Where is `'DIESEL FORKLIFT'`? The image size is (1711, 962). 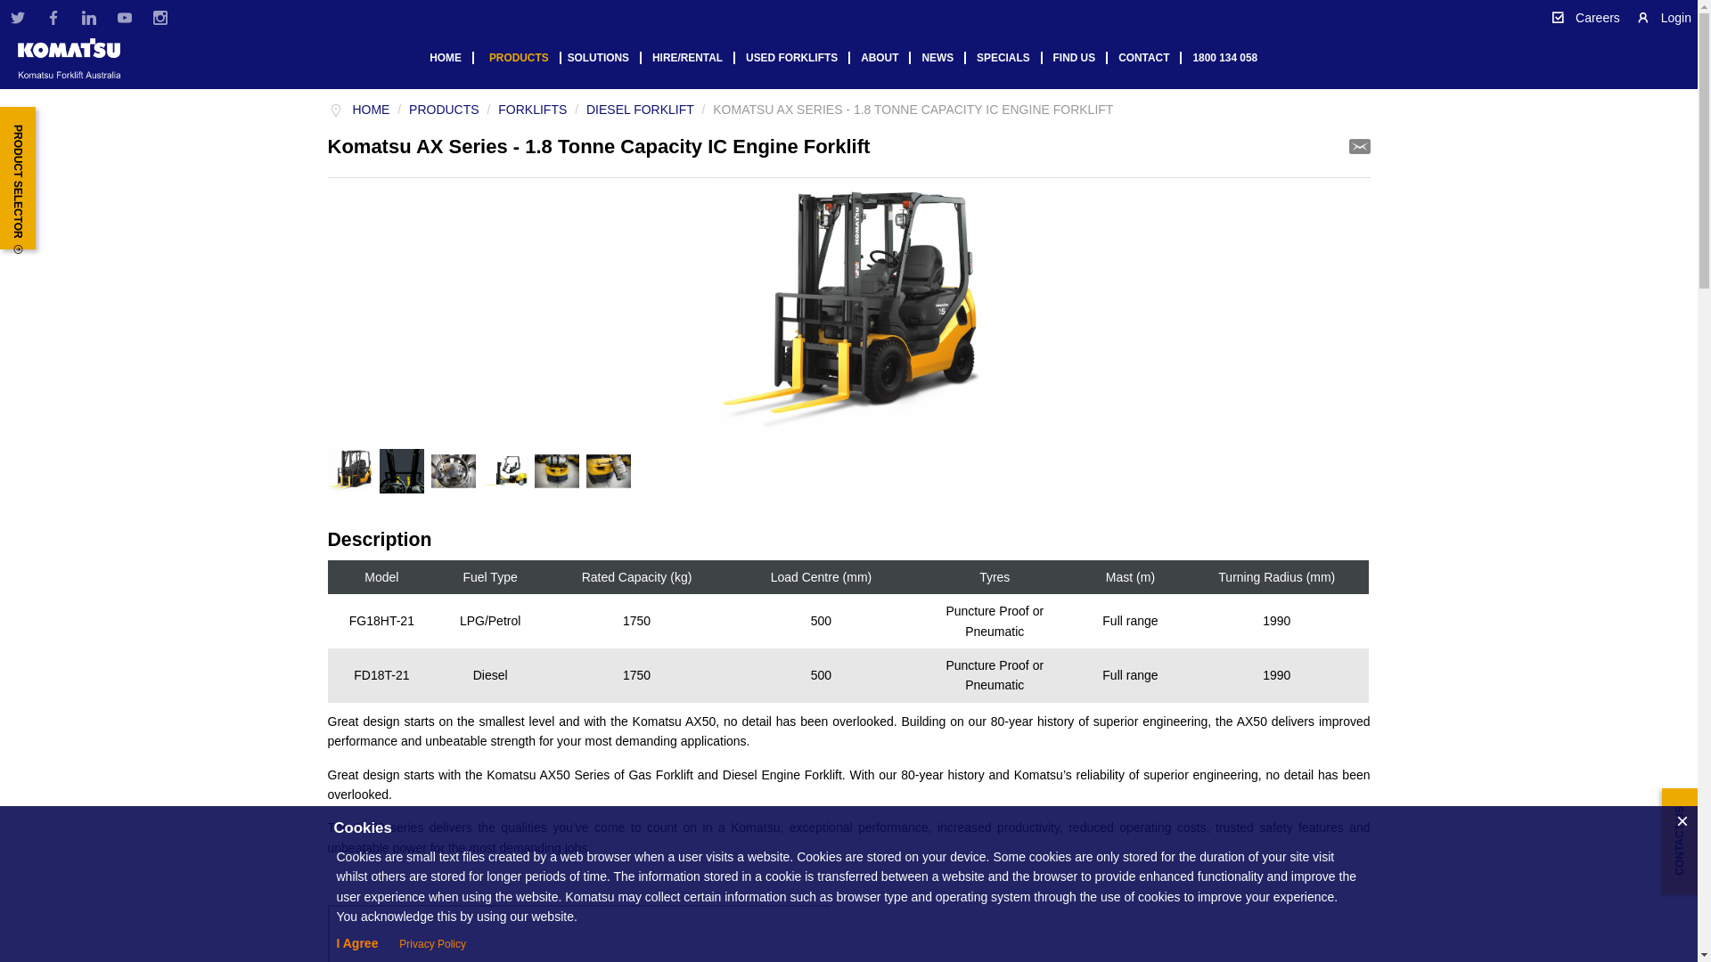 'DIESEL FORKLIFT' is located at coordinates (640, 110).